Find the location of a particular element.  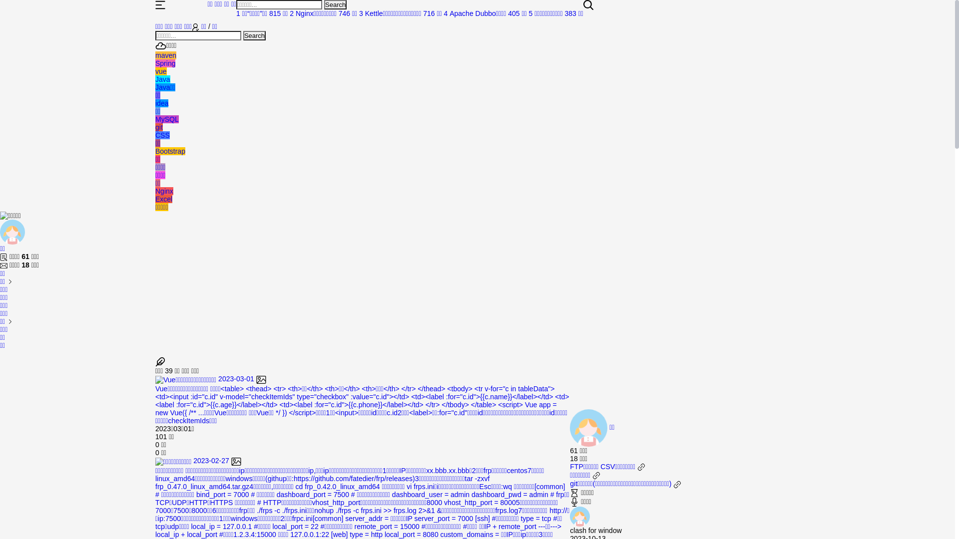

'2023-02-27' is located at coordinates (198, 460).